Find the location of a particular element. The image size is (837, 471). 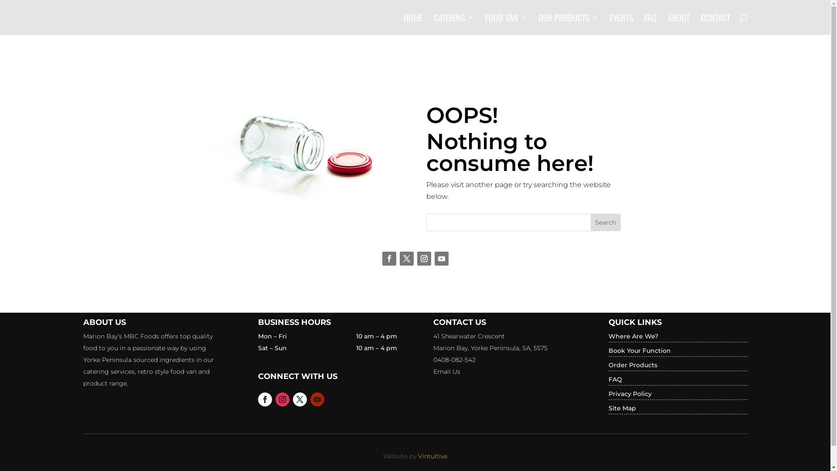

'Follow on Twitter' is located at coordinates (405, 258).